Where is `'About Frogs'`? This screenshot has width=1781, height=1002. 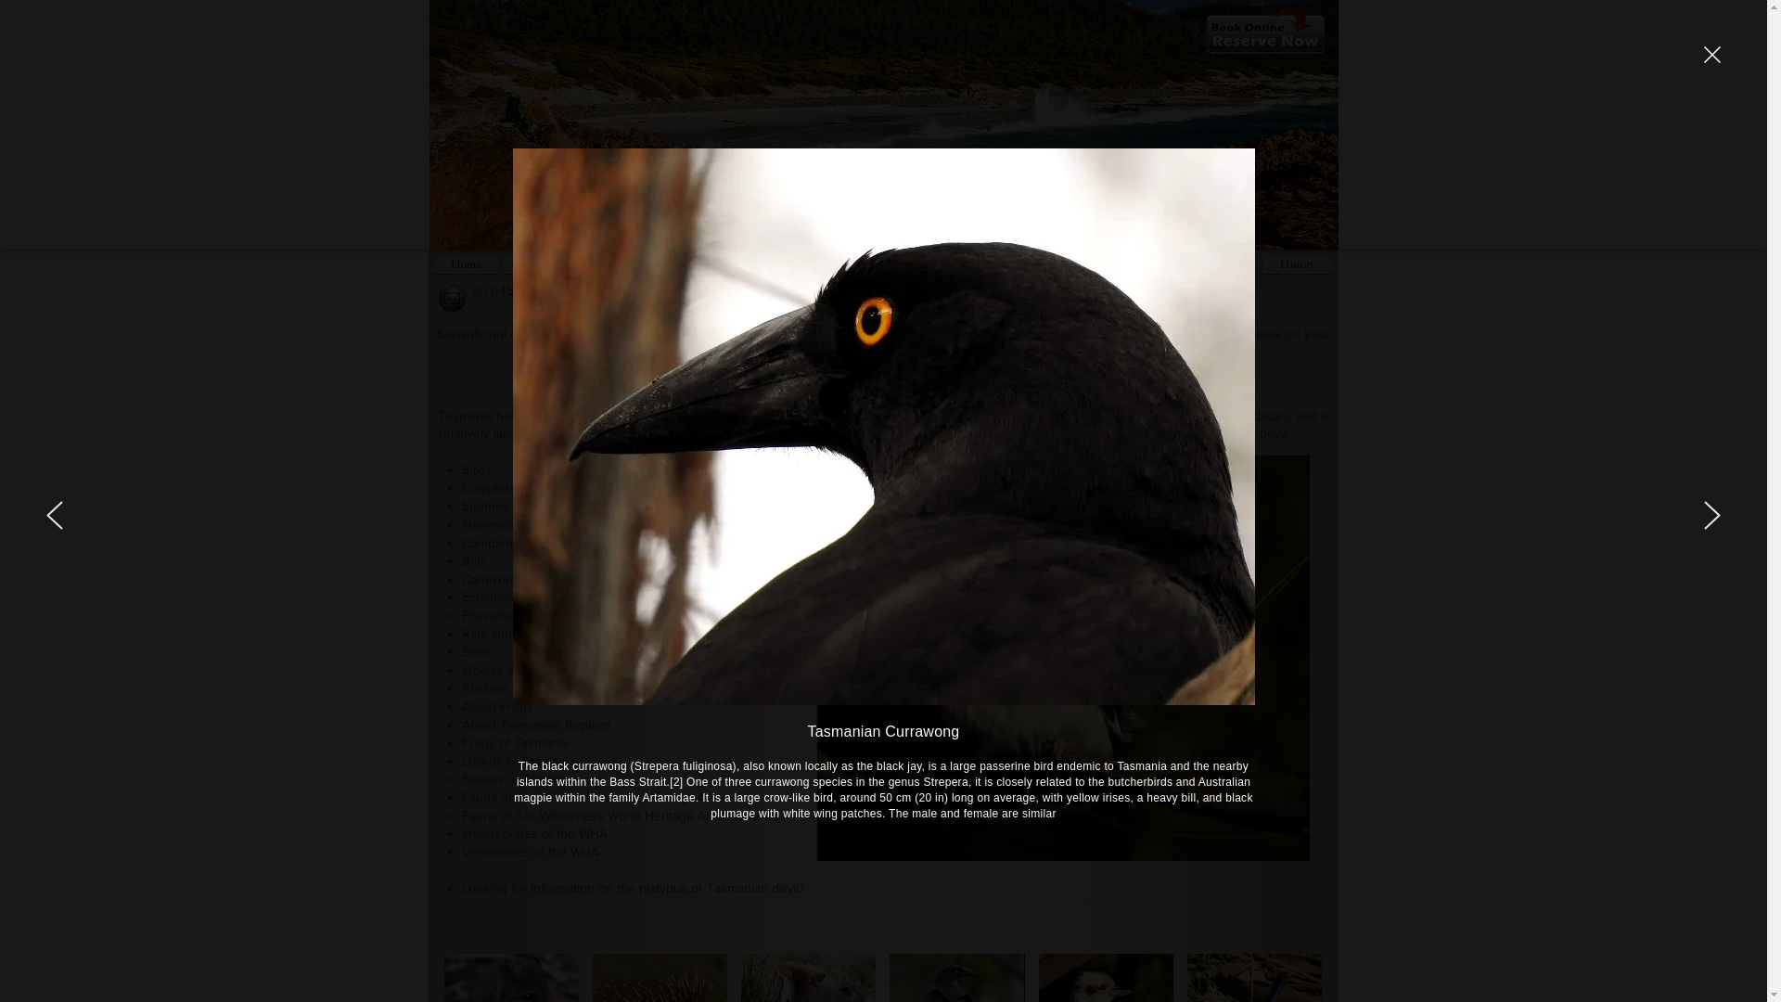 'About Frogs' is located at coordinates (497, 705).